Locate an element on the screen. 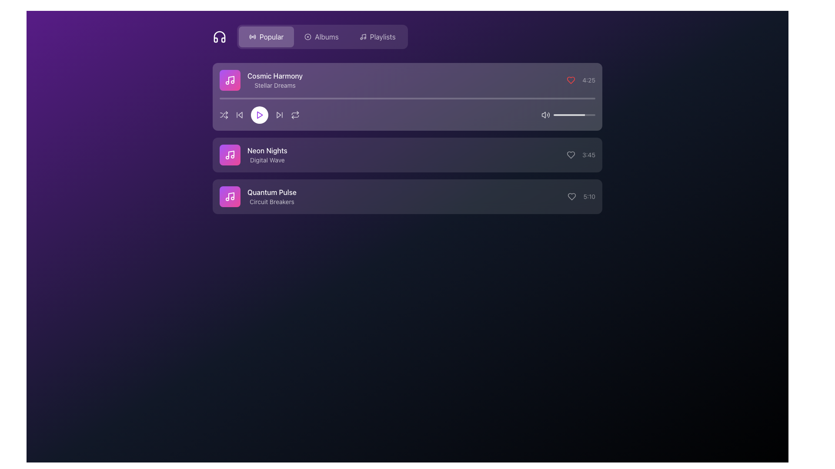  the third Interactive List Item in the music playlist interface, labeled 'Quantum Pulse' by 'Circuit Breakers' is located at coordinates (407, 196).